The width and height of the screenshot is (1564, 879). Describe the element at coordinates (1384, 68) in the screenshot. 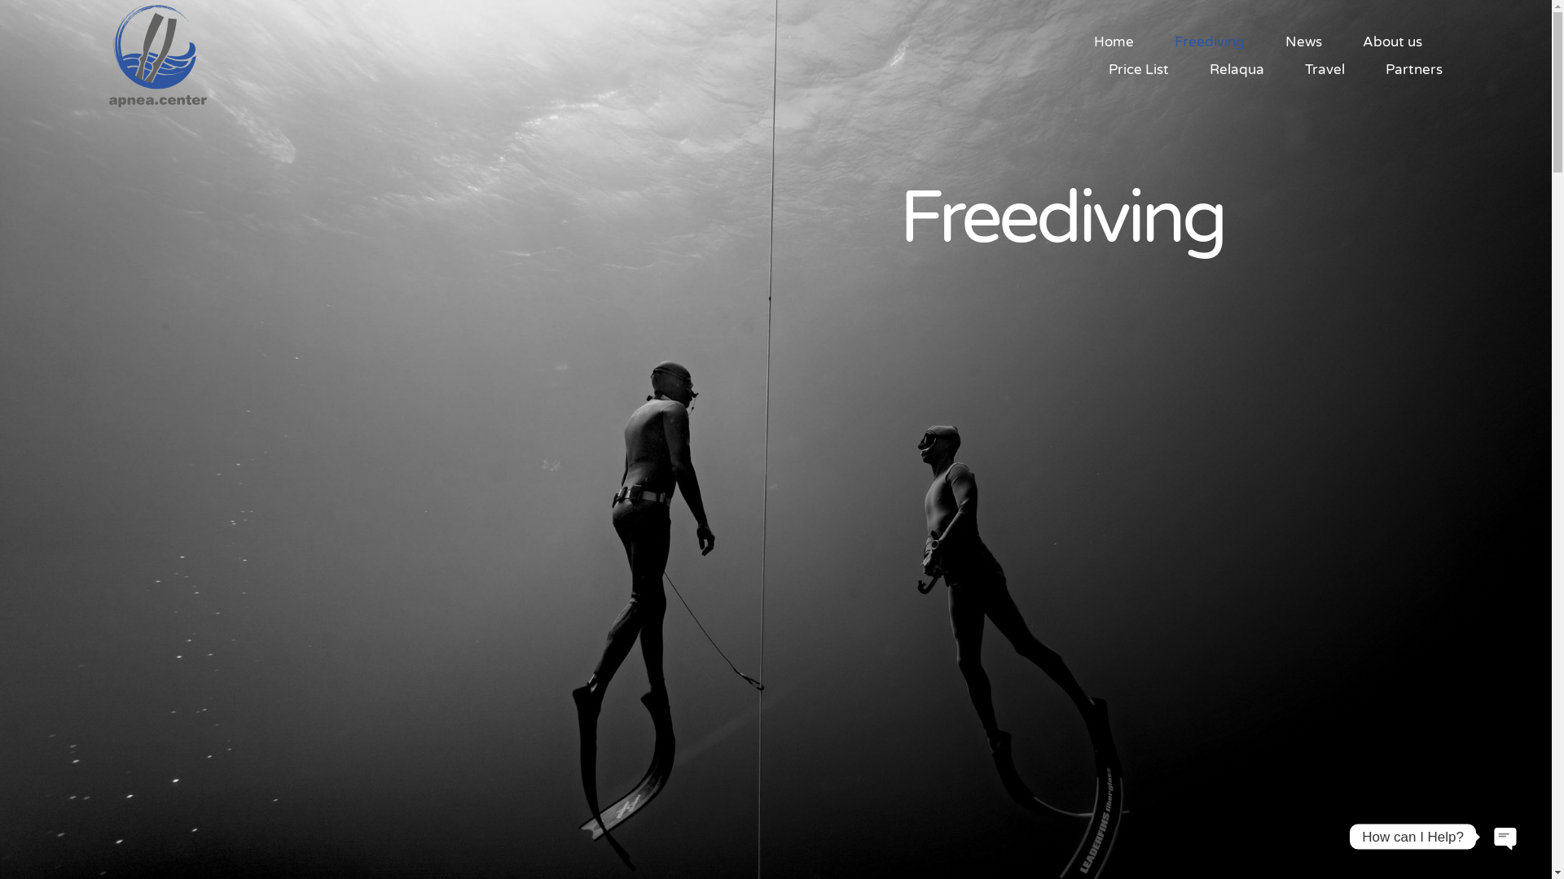

I see `'Partners'` at that location.